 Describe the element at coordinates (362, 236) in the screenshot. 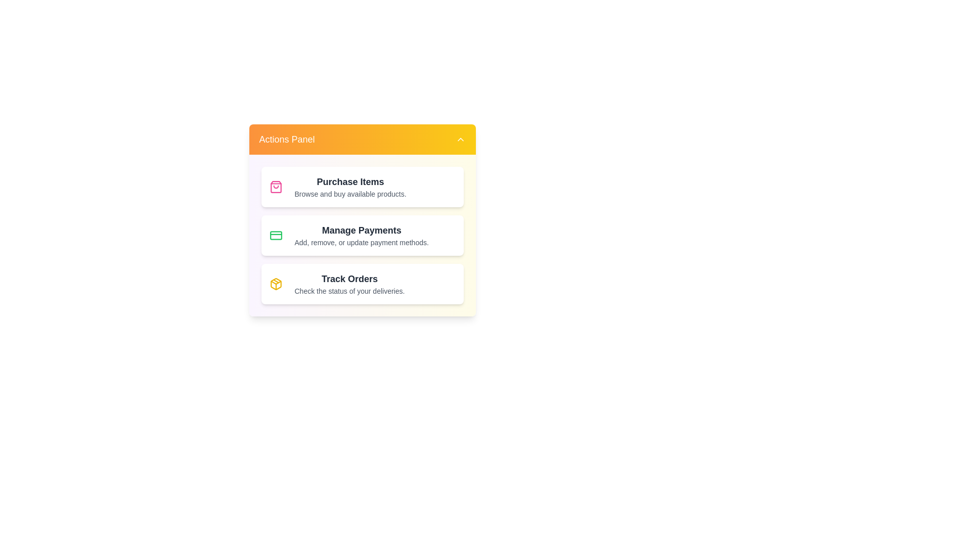

I see `the Manage Payments element to observe the hover effect` at that location.